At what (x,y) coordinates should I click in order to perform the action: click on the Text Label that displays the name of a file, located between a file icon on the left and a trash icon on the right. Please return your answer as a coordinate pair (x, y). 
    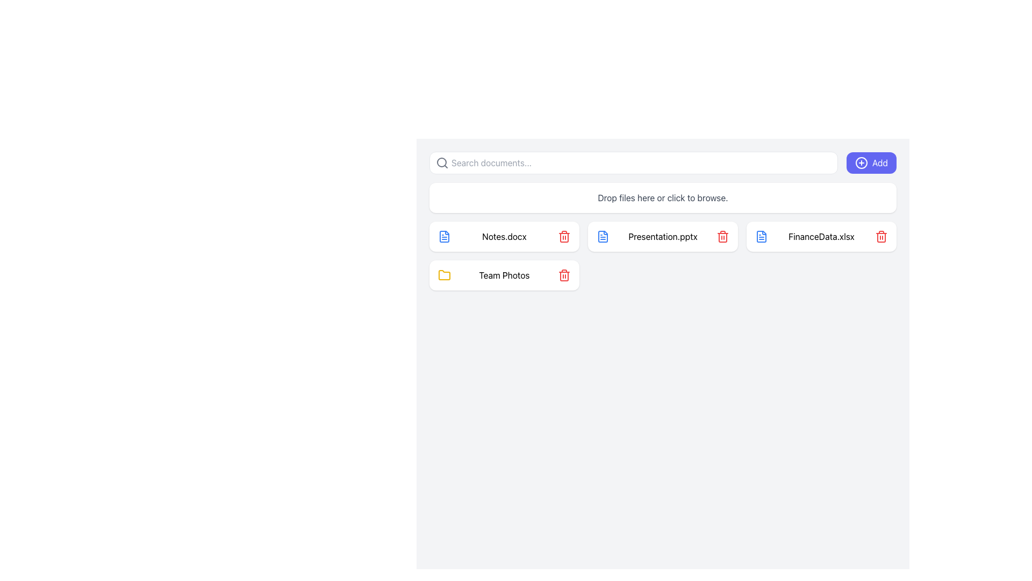
    Looking at the image, I should click on (662, 236).